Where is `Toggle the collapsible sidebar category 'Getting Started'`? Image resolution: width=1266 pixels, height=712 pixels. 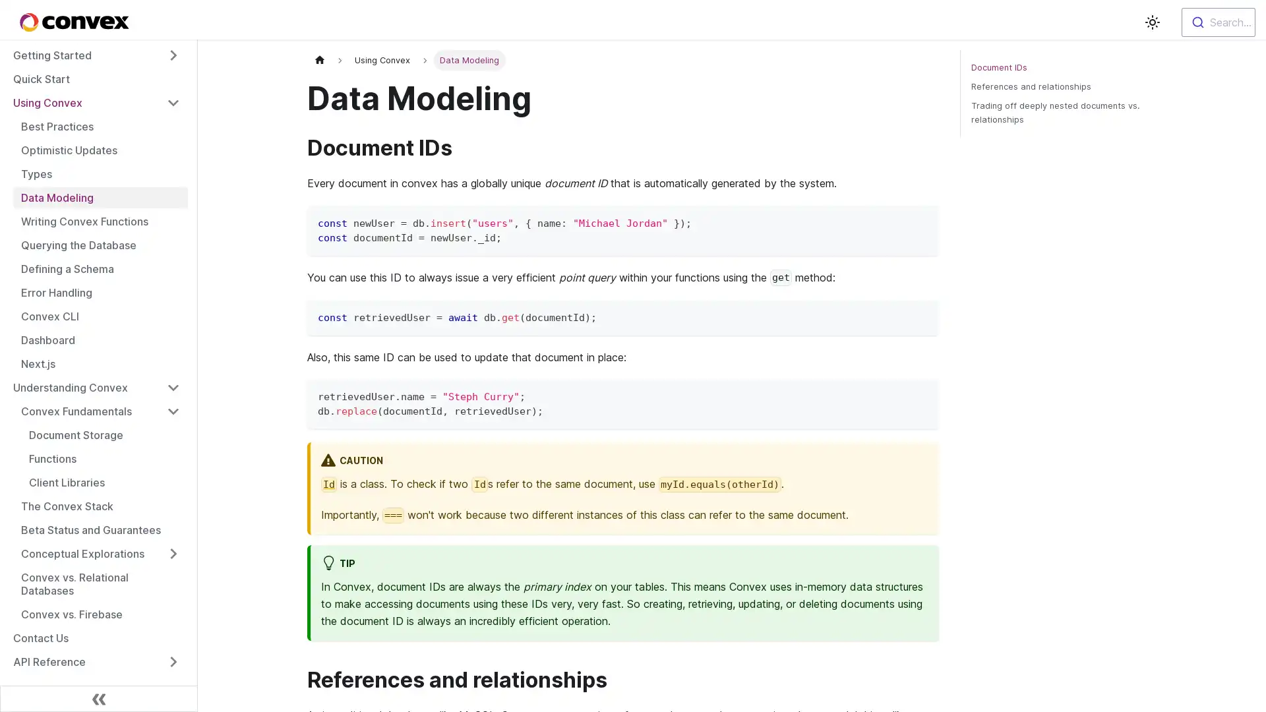 Toggle the collapsible sidebar category 'Getting Started' is located at coordinates (173, 55).